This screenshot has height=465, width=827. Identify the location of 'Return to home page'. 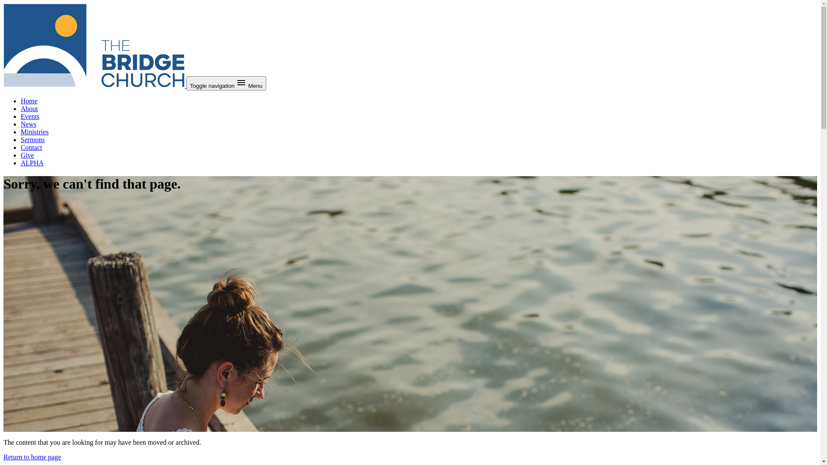
(3, 456).